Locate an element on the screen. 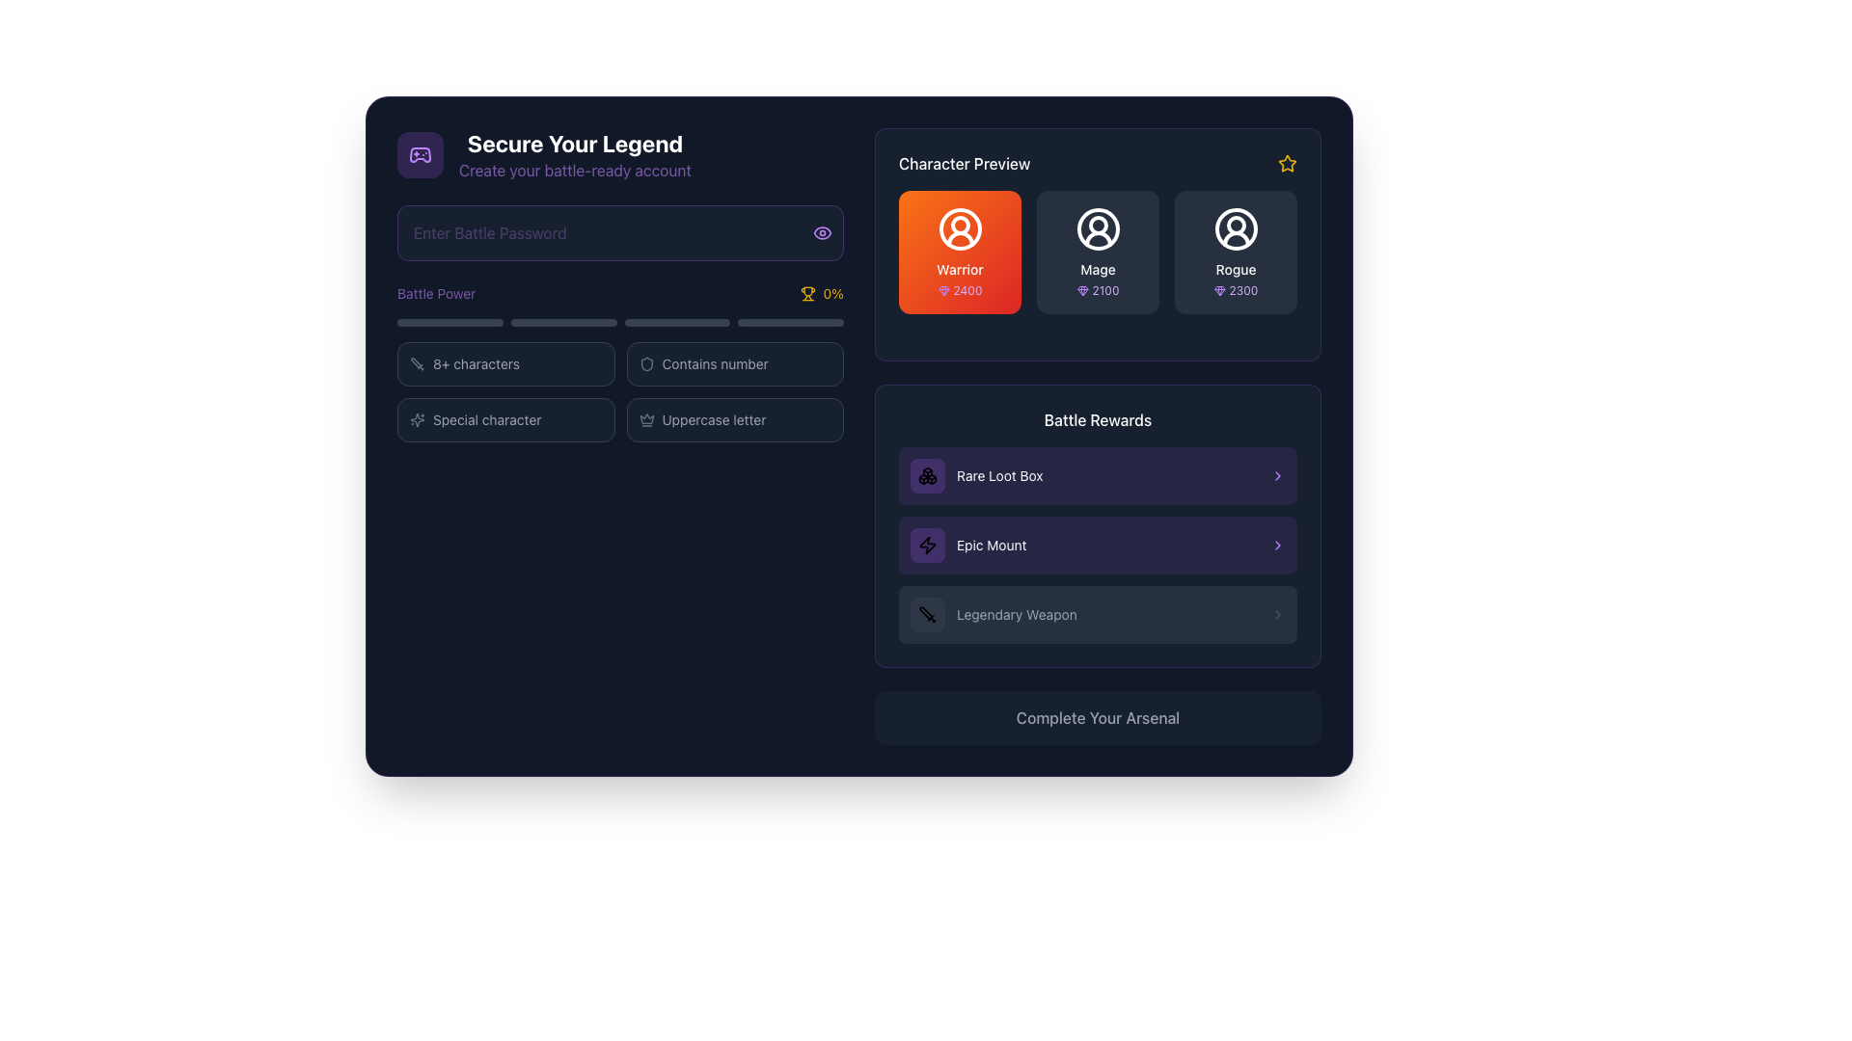 Image resolution: width=1852 pixels, height=1041 pixels. text from the Indicator box that indicates whether the password contains numeric characters, which is located to the right of the '8+ characters' item in the grid layout under the 'Battle Power' section is located at coordinates (734, 364).